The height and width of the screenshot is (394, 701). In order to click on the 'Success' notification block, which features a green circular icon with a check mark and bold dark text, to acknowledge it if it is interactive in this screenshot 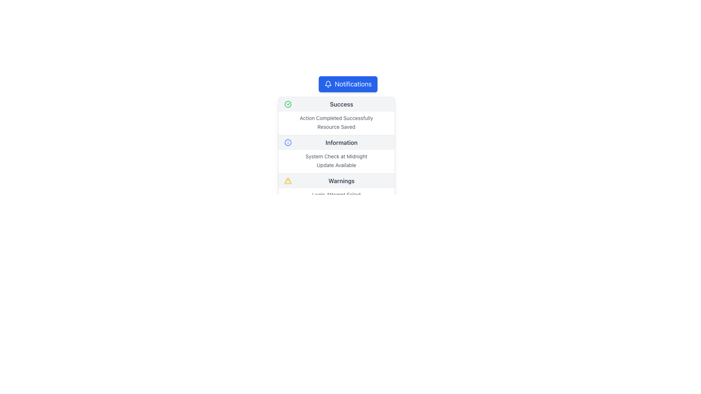, I will do `click(336, 104)`.